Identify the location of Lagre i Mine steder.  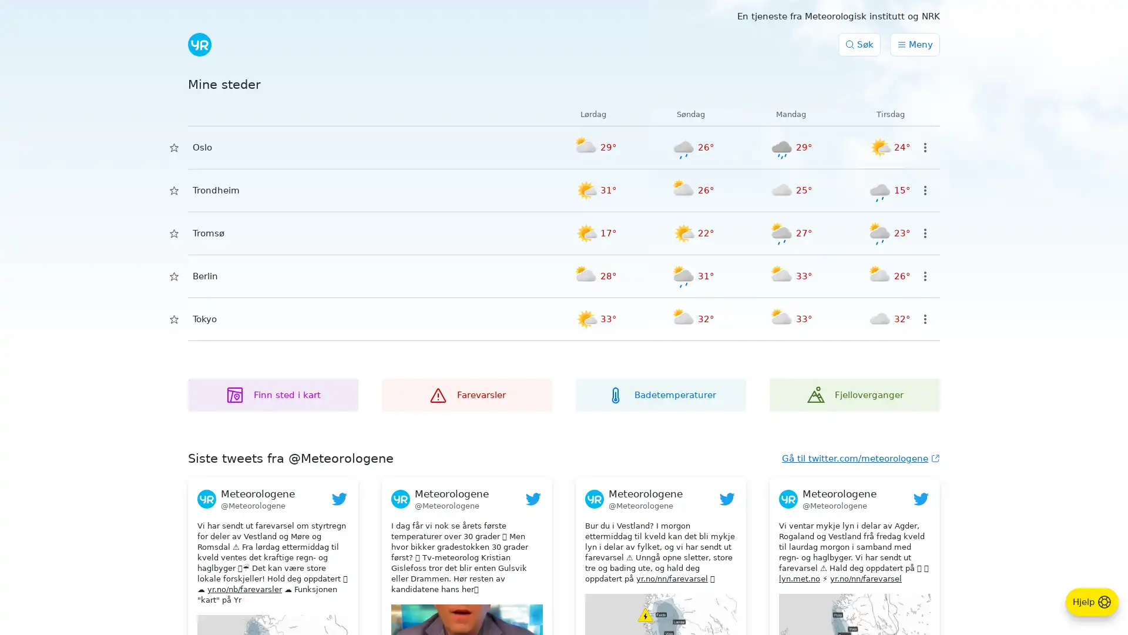
(173, 276).